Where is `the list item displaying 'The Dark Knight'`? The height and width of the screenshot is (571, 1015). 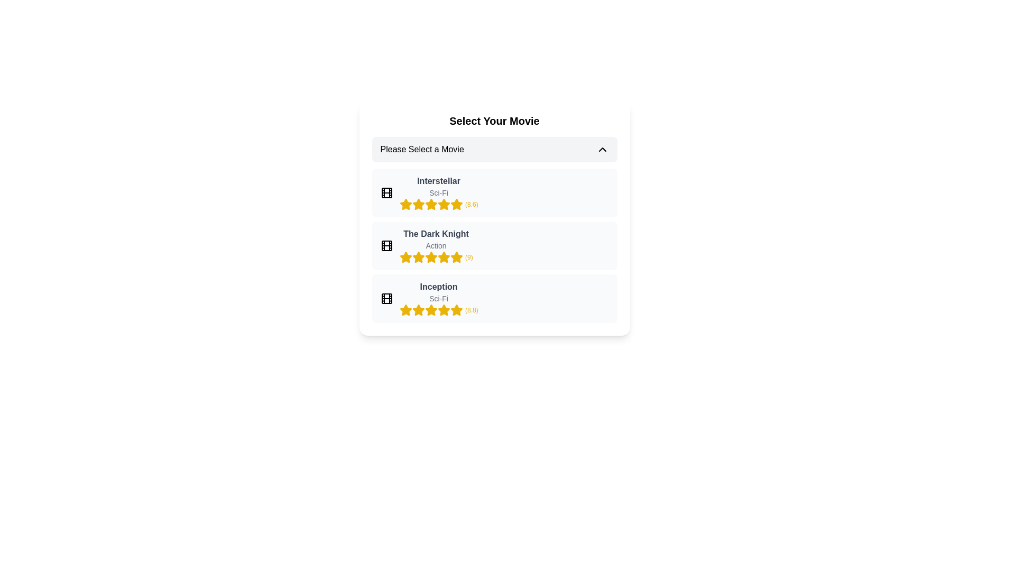 the list item displaying 'The Dark Knight' is located at coordinates (494, 246).